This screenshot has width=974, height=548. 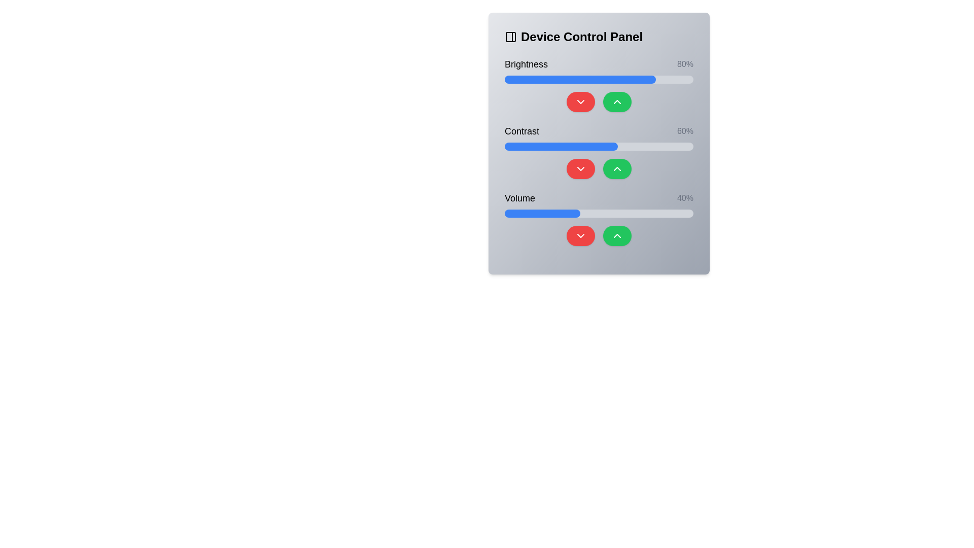 What do you see at coordinates (599, 218) in the screenshot?
I see `the Progress bar with textual indicator that shows the current volume level, located at the bottom portion of the settings panel` at bounding box center [599, 218].